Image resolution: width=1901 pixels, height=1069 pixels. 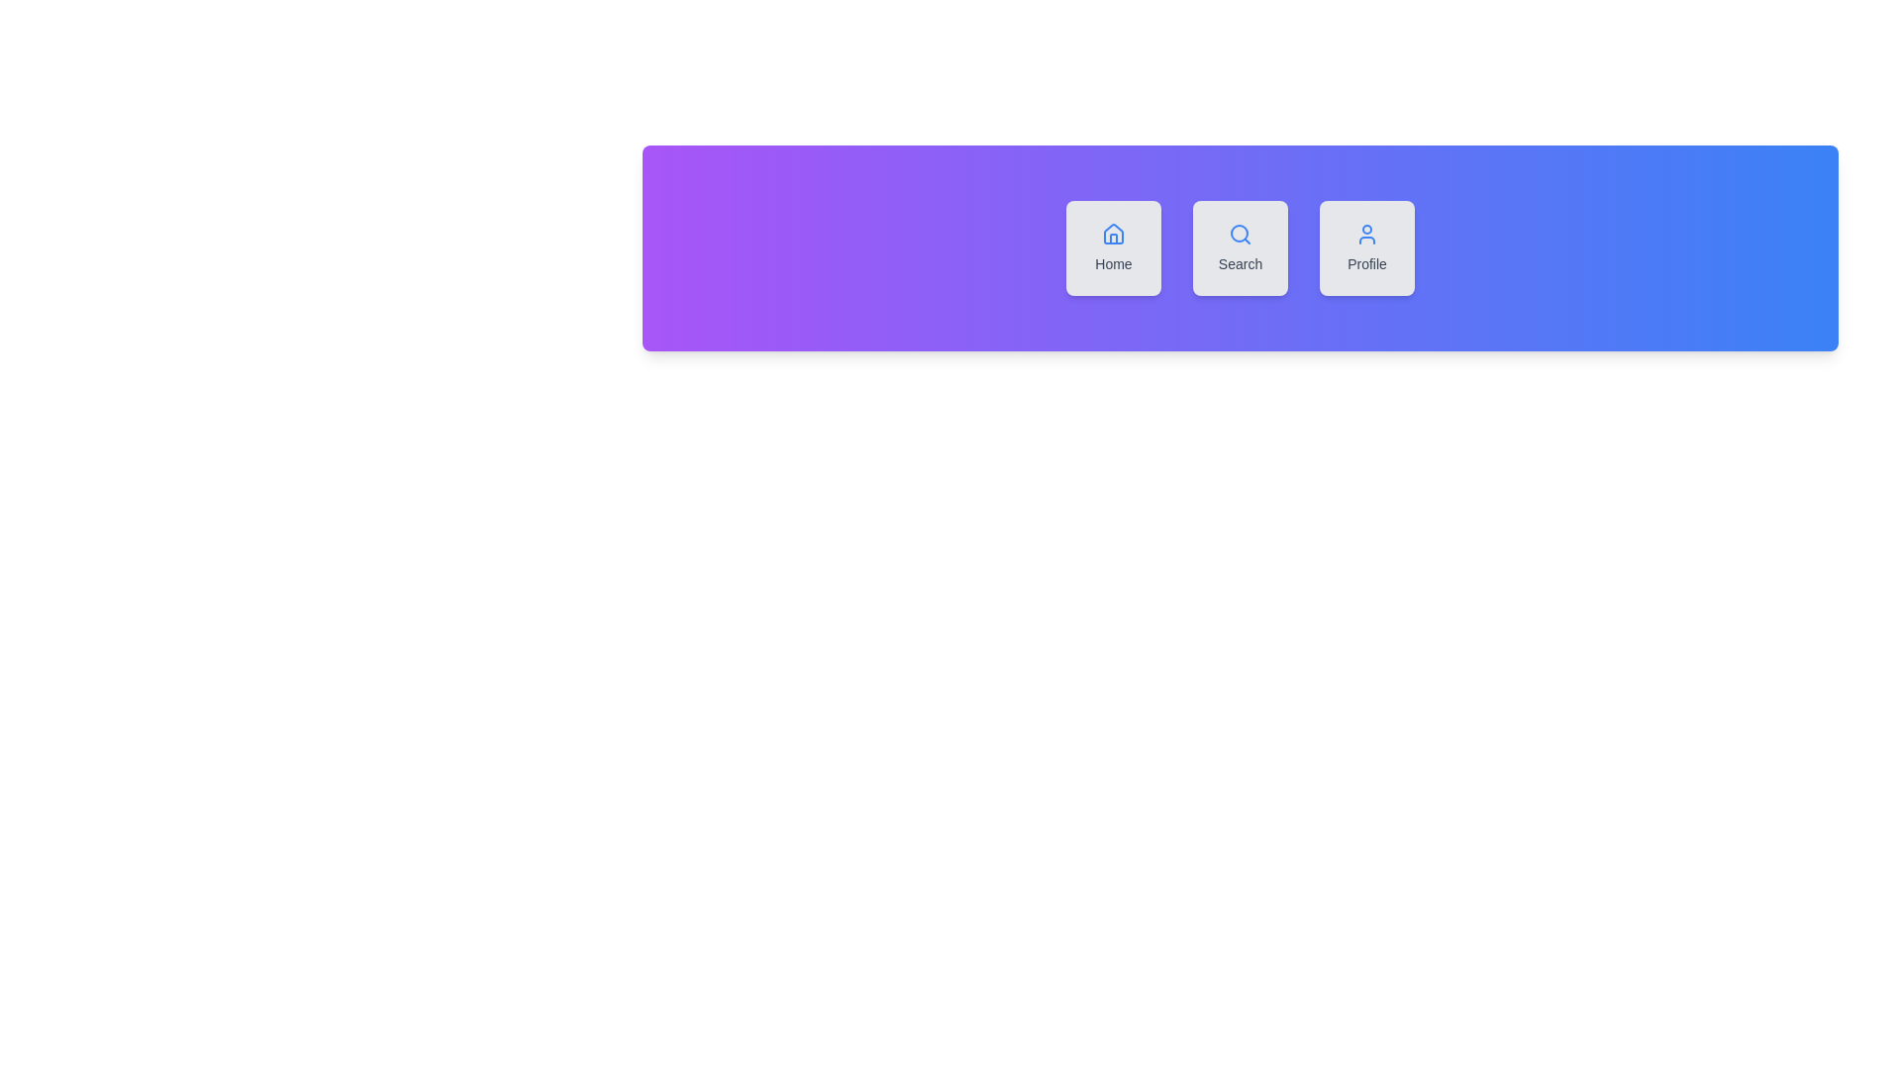 I want to click on the user icon in blue outline located within the 'Profile' navigation item, positioned above the text label 'Profile', so click(x=1366, y=233).